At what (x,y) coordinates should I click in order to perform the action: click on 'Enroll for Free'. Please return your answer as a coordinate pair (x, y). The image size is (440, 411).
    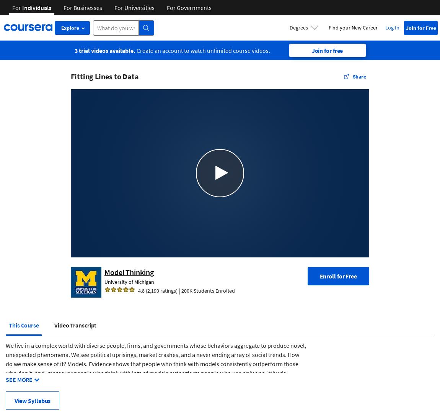
    Looking at the image, I should click on (338, 275).